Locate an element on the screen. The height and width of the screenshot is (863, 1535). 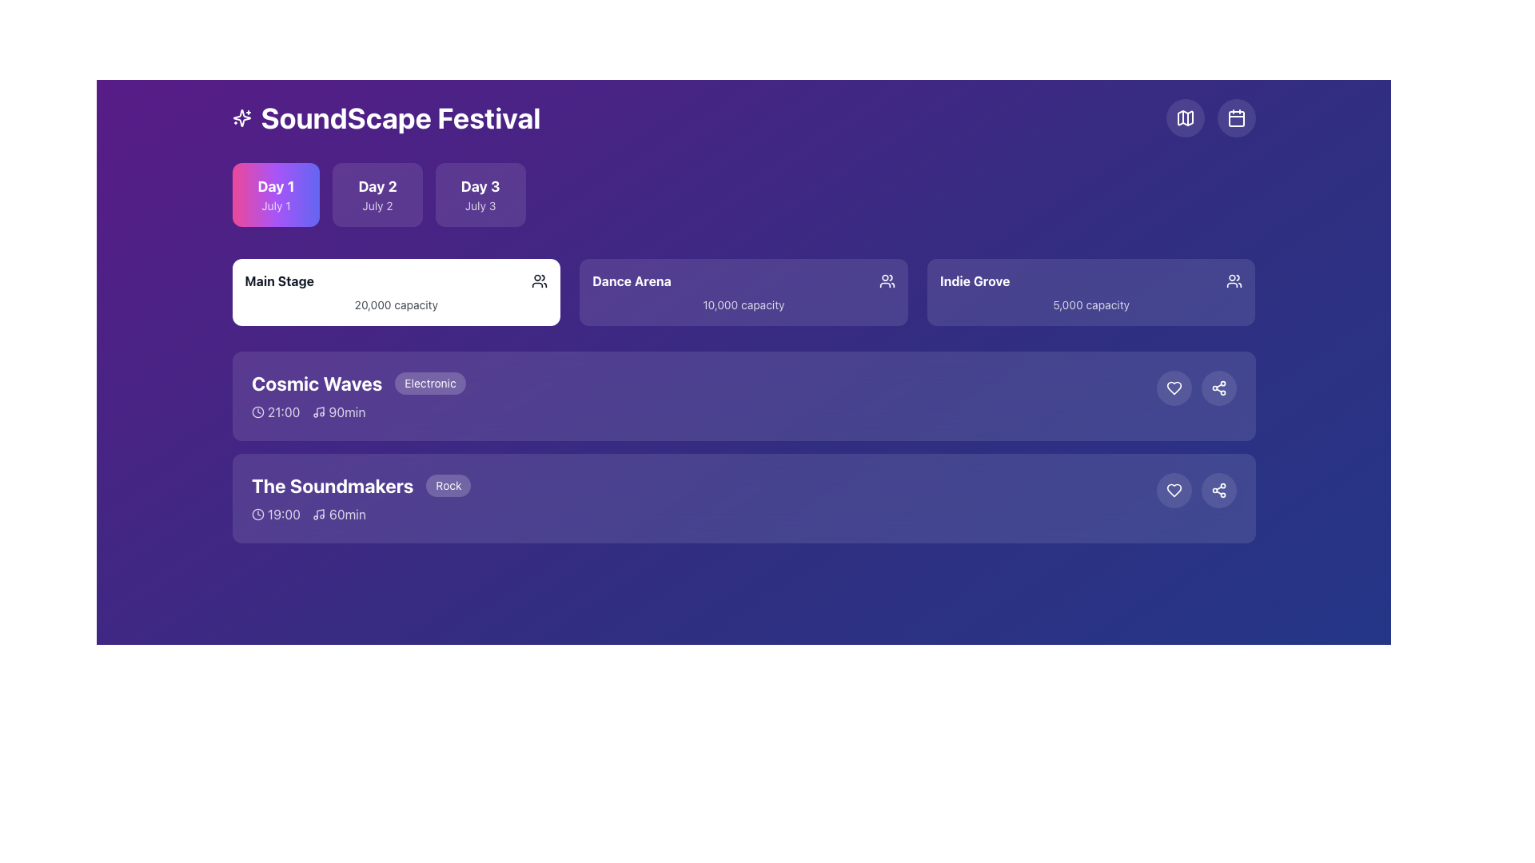
the musical performance icon located to the left of the text '90min' in the row for the event 'Cosmic Waves' is located at coordinates (318, 412).